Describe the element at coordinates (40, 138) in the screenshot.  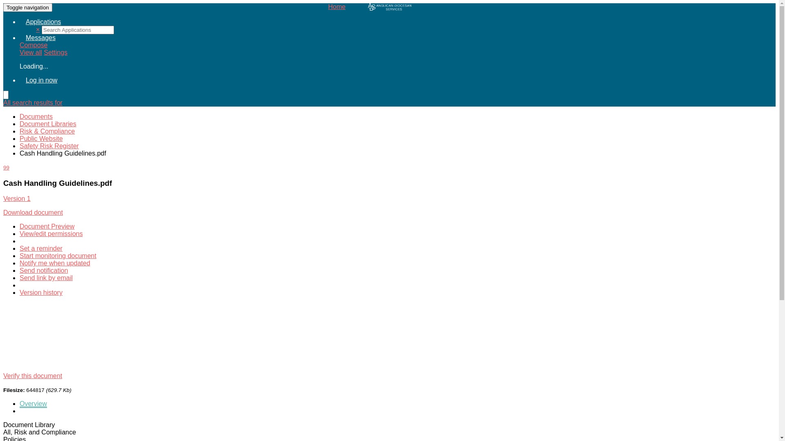
I see `'Public Website'` at that location.